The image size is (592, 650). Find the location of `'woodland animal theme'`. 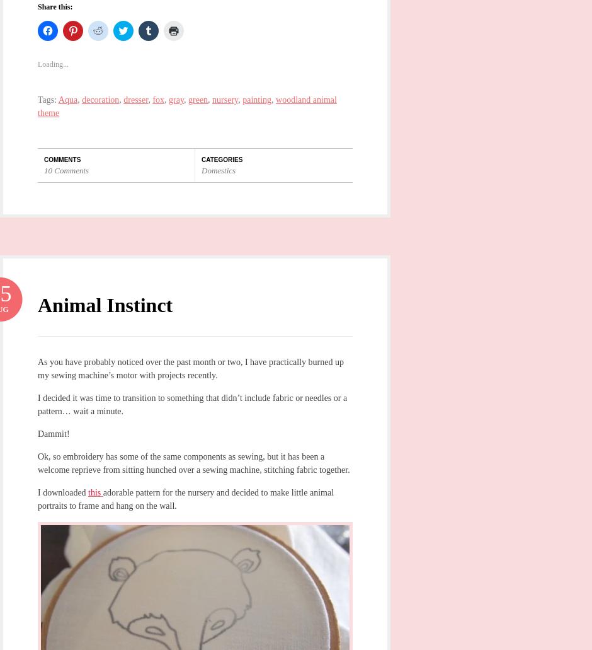

'woodland animal theme' is located at coordinates (186, 105).